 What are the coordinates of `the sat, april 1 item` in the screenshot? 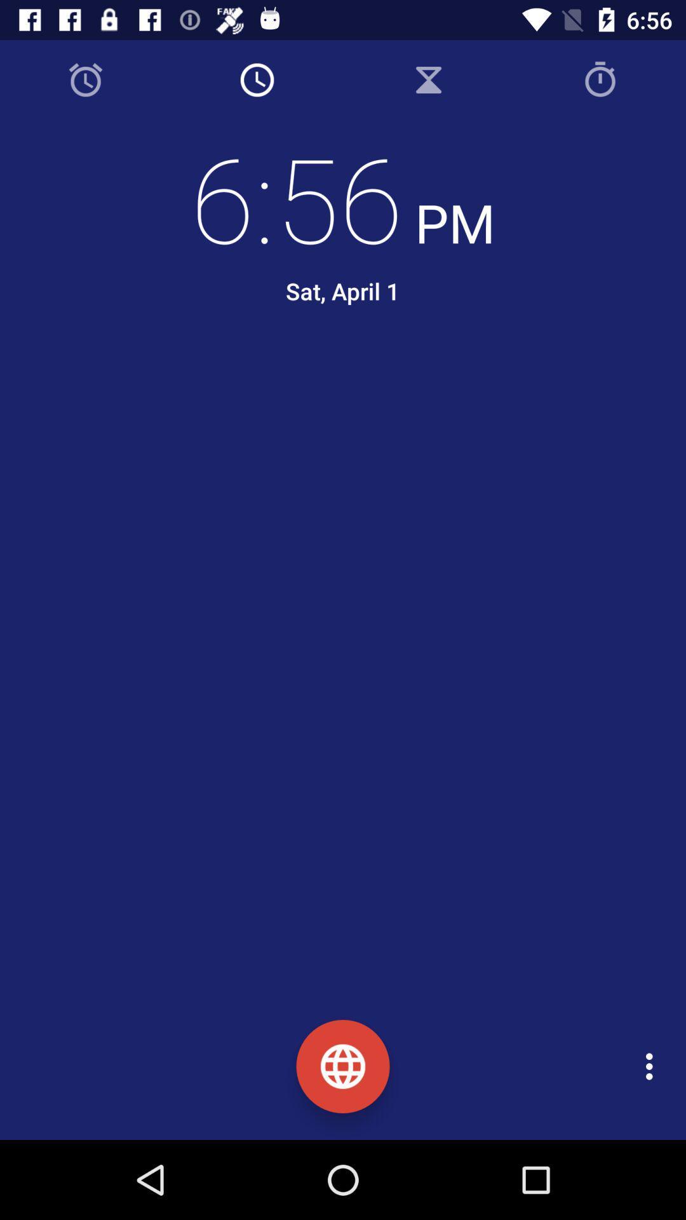 It's located at (342, 290).